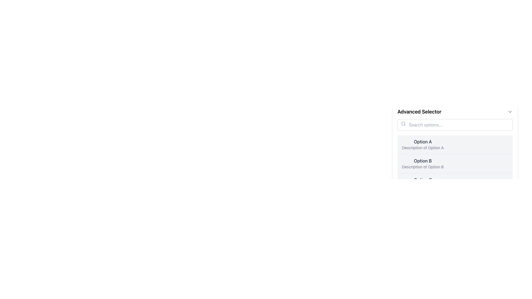 This screenshot has height=299, width=532. What do you see at coordinates (455, 112) in the screenshot?
I see `the dropdown activator header to enable keyboard interaction with the dropdown menu` at bounding box center [455, 112].